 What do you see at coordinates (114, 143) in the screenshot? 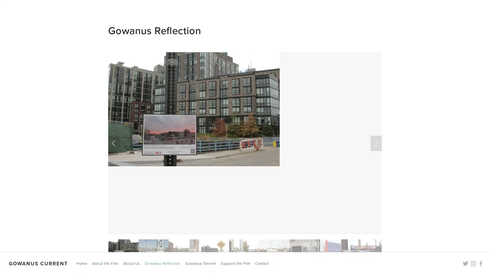
I see `Previous Slide` at bounding box center [114, 143].